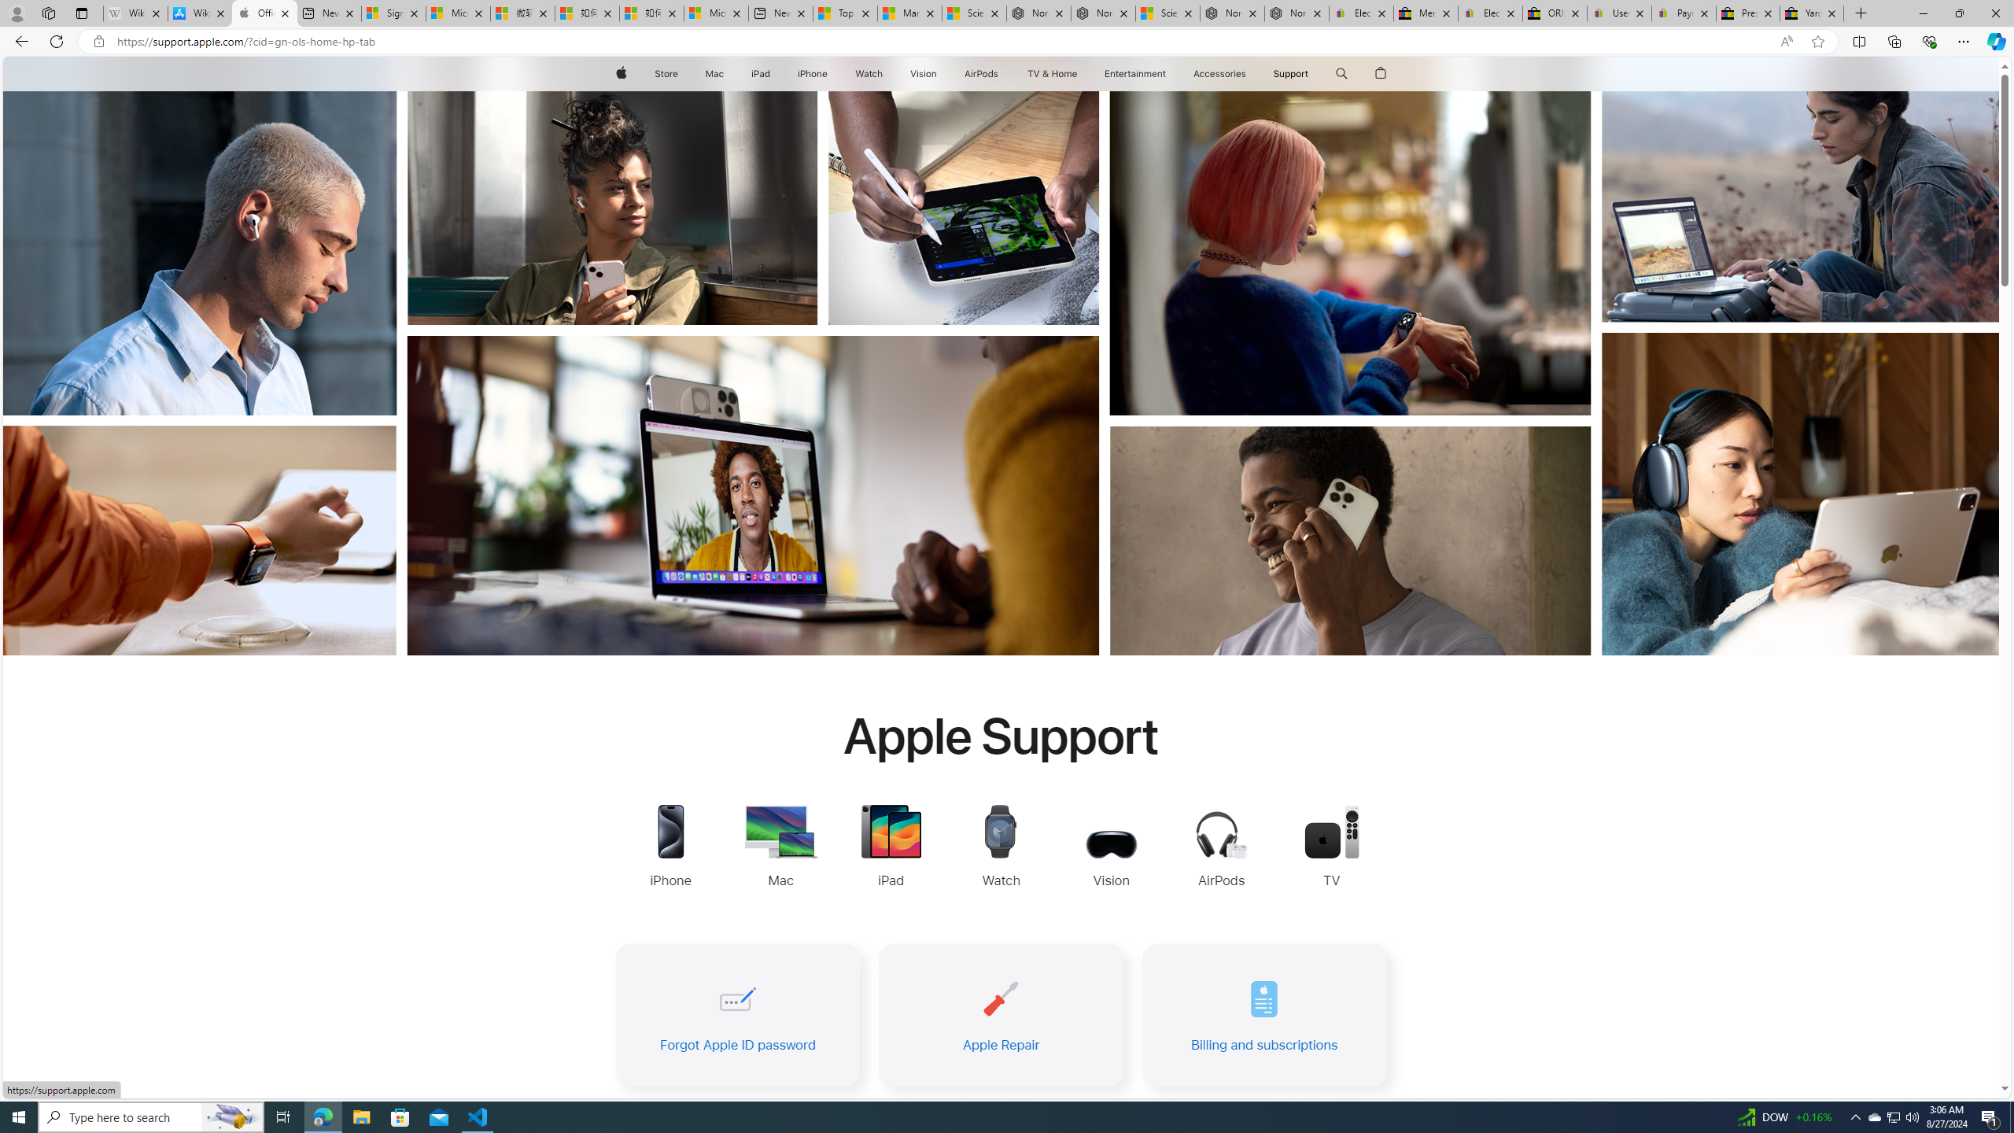 The width and height of the screenshot is (2014, 1133). What do you see at coordinates (619, 73) in the screenshot?
I see `'Apple'` at bounding box center [619, 73].